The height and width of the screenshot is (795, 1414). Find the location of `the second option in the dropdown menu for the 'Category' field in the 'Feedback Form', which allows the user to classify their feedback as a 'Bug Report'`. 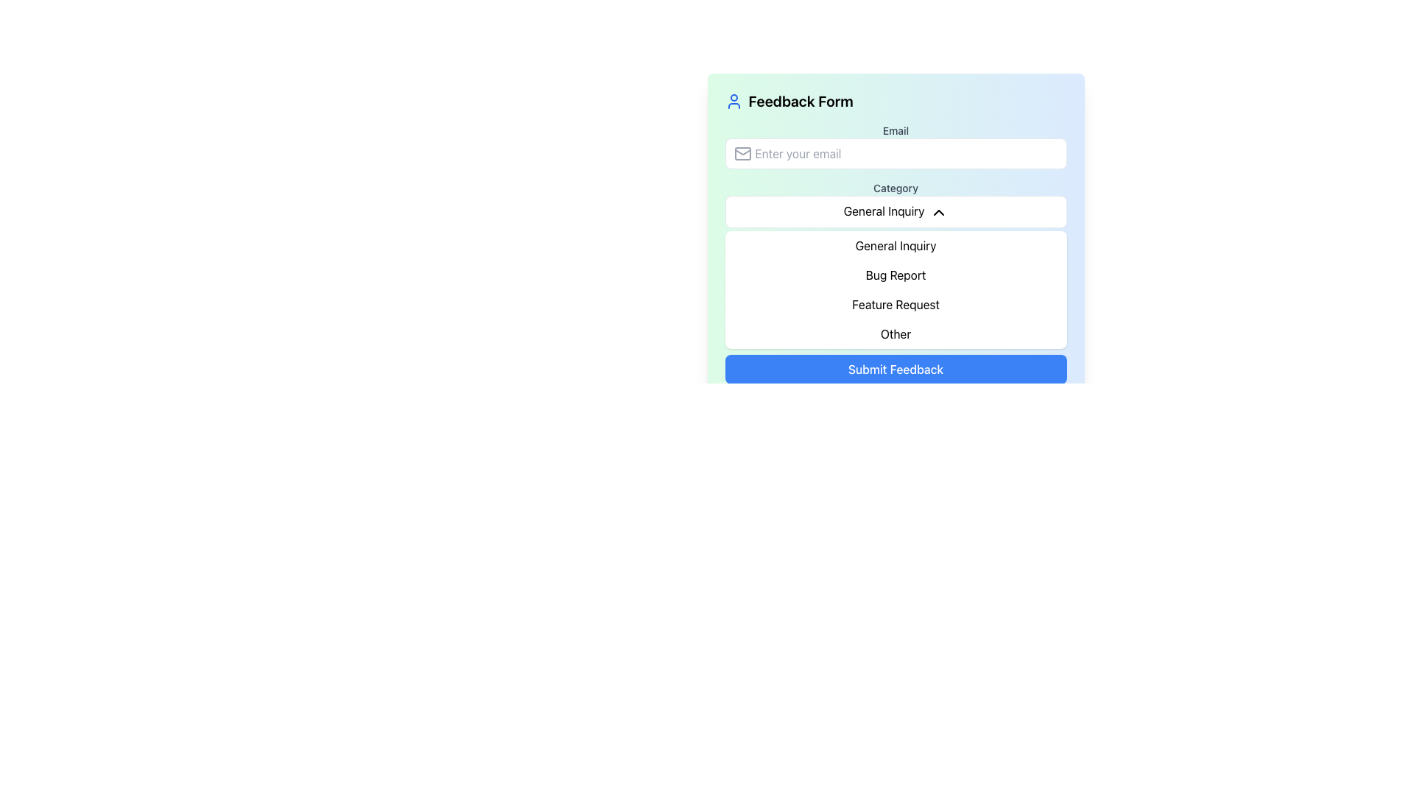

the second option in the dropdown menu for the 'Category' field in the 'Feedback Form', which allows the user to classify their feedback as a 'Bug Report' is located at coordinates (895, 289).